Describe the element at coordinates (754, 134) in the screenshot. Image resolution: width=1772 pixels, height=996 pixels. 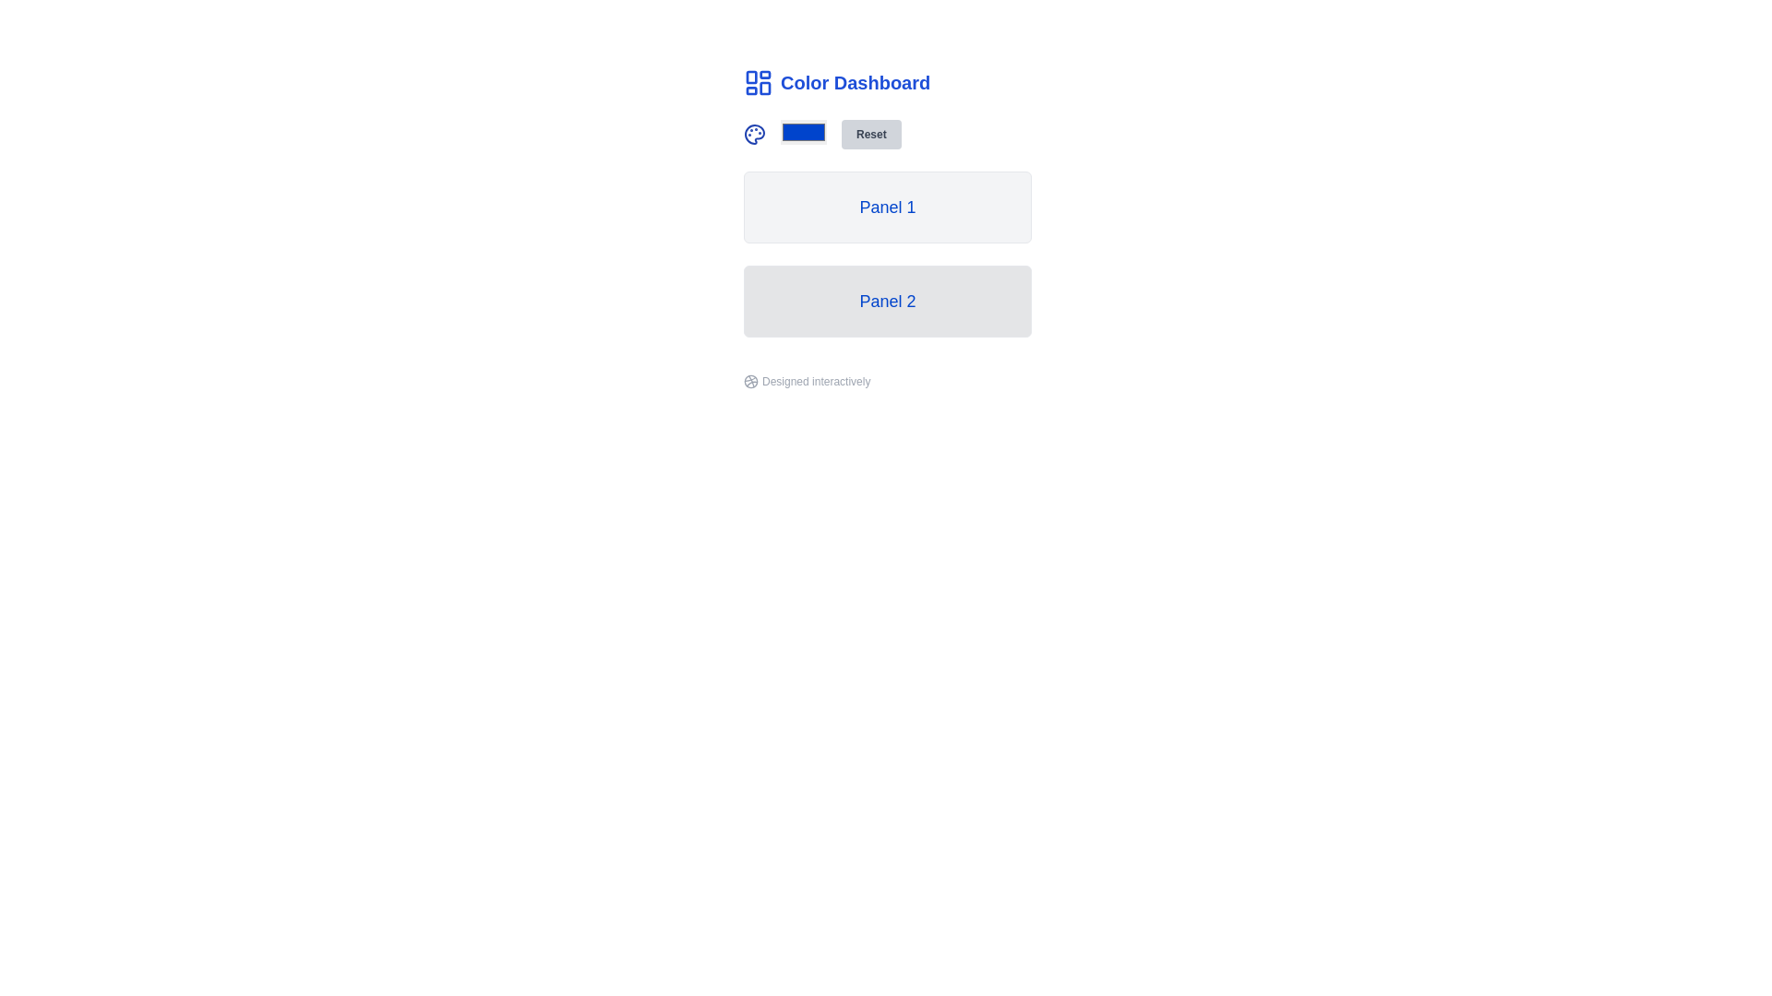
I see `the vibrant blue circular palette icon with multiple small circles inside, located near the 'Reset' button in the Color Dashboard interface` at that location.